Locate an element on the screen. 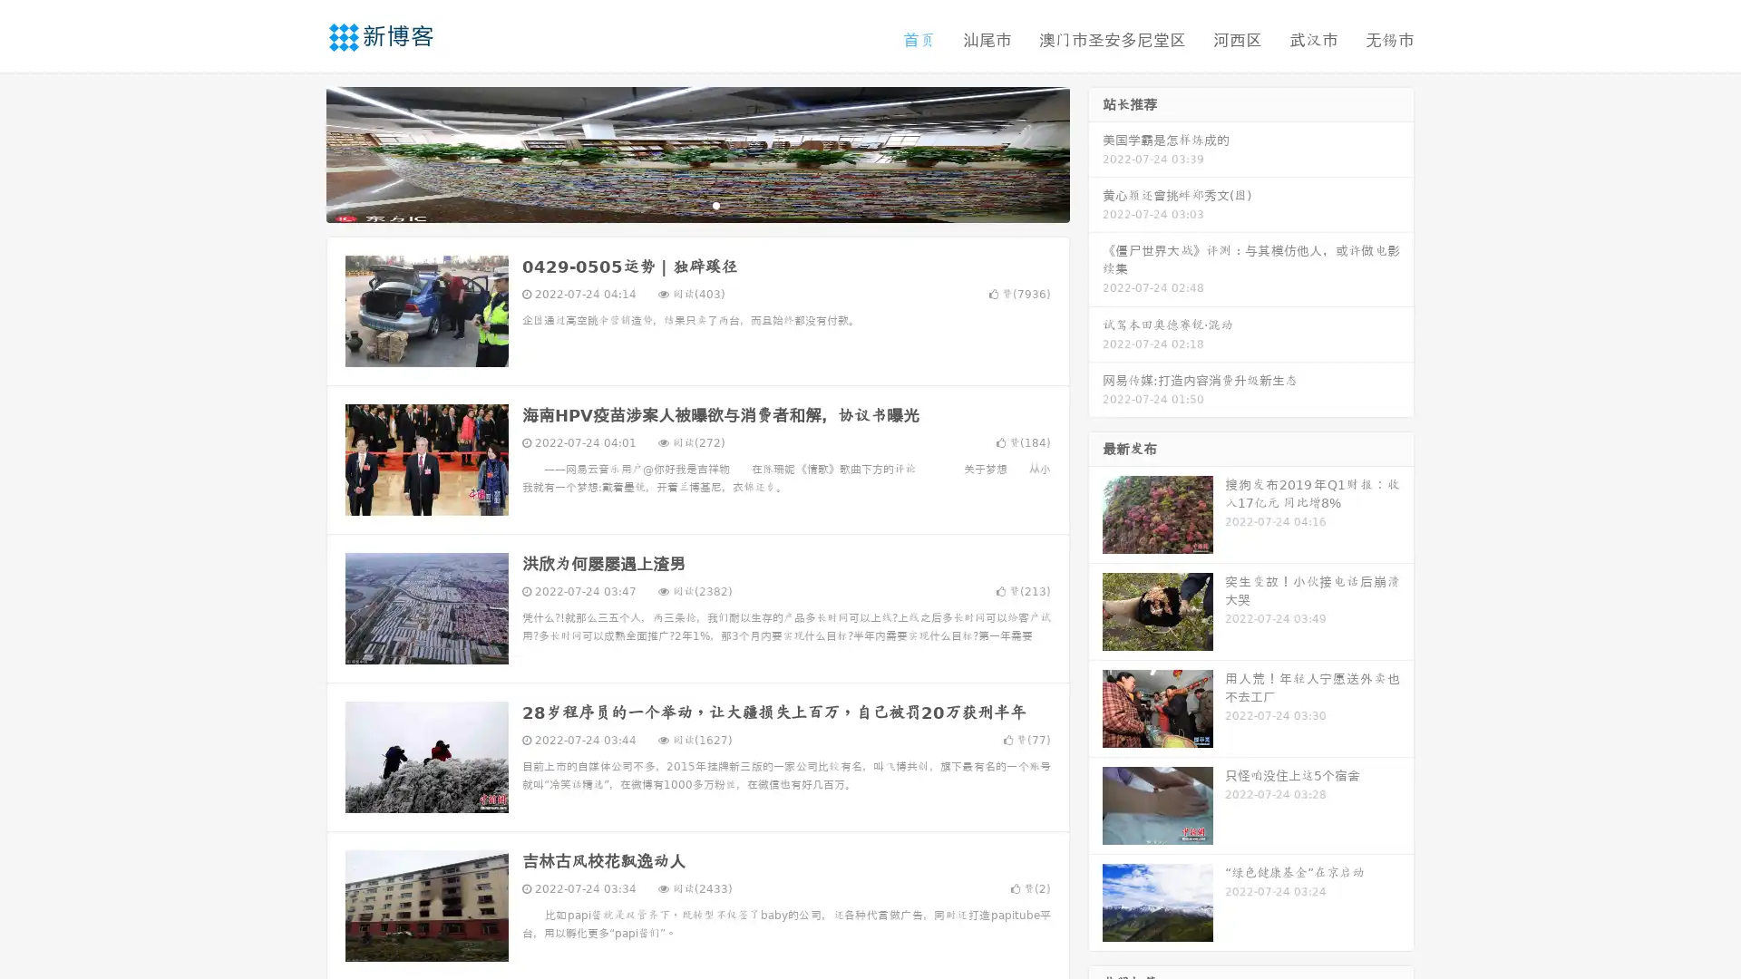 This screenshot has width=1741, height=979. Next slide is located at coordinates (1095, 152).